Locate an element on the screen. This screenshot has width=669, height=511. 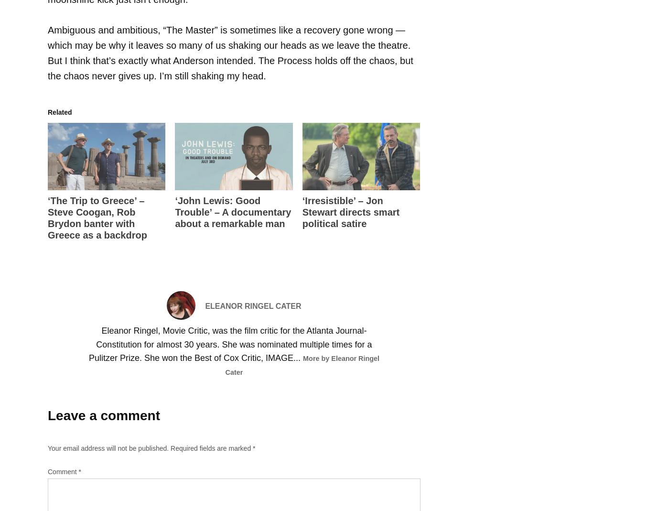
'Ambiguous and ambitious, “The Master” is sometimes like a recovery gone wrong — which may be why it leaves so many of us shaking our heads as we leave the theatre. But I think that’s exactly what Anderson intended. The Process holds off the chaos, but the chaos never gives up. I’m still shaking my head.' is located at coordinates (230, 53).